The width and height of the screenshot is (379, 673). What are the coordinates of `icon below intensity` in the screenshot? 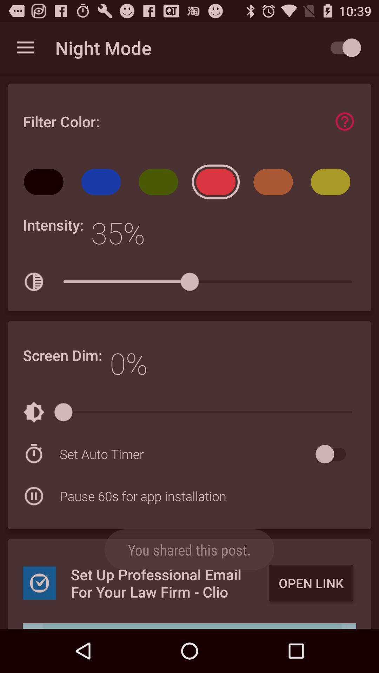 It's located at (34, 282).